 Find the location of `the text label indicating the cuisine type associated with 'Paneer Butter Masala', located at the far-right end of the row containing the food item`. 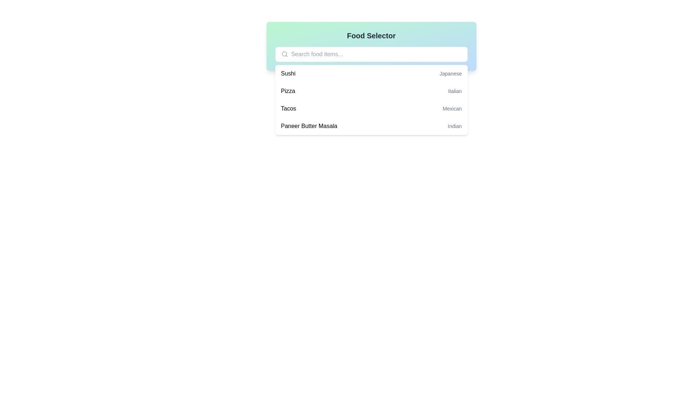

the text label indicating the cuisine type associated with 'Paneer Butter Masala', located at the far-right end of the row containing the food item is located at coordinates (454, 126).